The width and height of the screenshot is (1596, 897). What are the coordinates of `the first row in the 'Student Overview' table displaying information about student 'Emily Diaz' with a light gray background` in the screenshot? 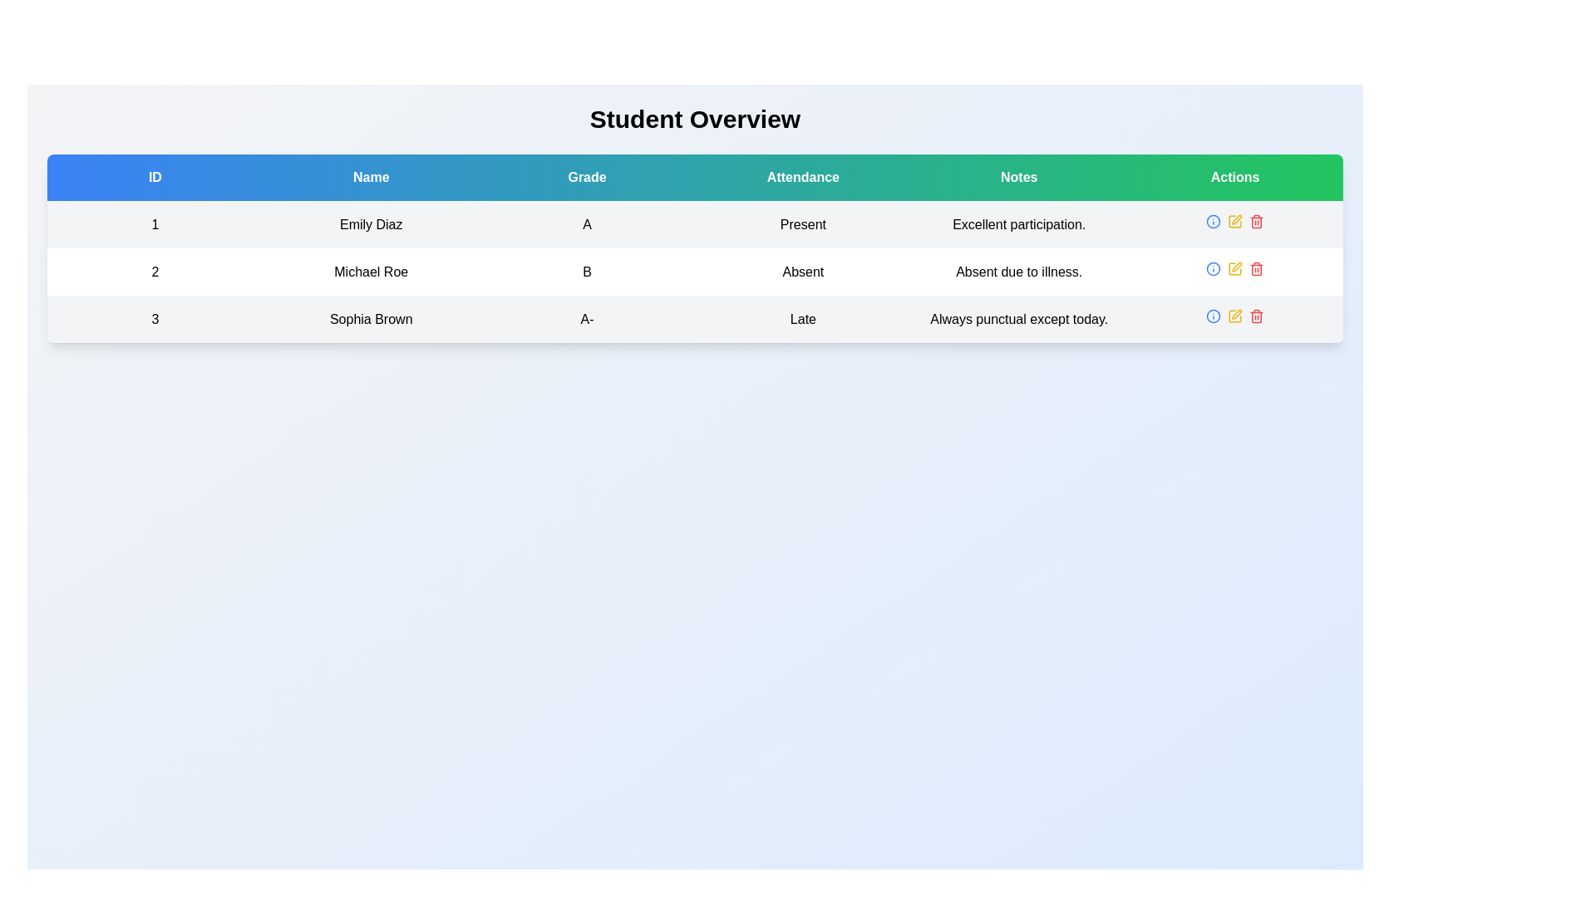 It's located at (695, 224).